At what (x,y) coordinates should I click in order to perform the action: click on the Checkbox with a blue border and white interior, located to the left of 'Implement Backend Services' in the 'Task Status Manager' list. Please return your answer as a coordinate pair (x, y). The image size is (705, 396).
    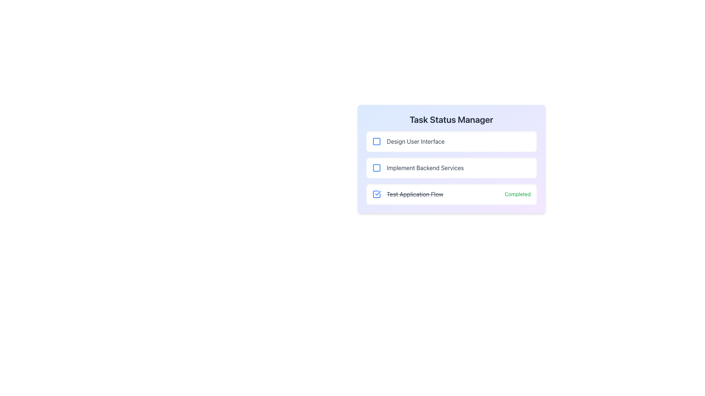
    Looking at the image, I should click on (376, 168).